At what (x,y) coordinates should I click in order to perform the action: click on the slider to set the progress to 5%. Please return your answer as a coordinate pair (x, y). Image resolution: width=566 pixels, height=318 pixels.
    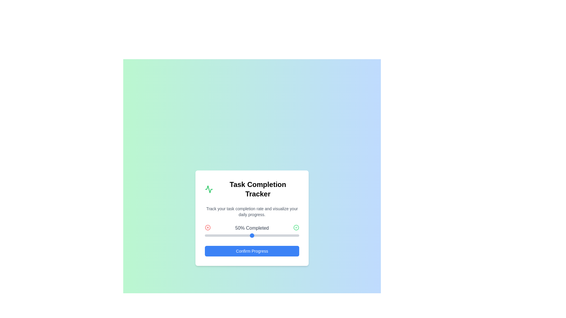
    Looking at the image, I should click on (209, 235).